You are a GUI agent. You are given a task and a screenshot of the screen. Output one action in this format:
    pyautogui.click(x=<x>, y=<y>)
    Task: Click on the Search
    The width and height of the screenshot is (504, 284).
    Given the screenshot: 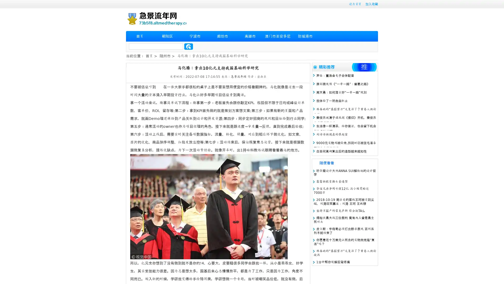 What is the action you would take?
    pyautogui.click(x=188, y=46)
    